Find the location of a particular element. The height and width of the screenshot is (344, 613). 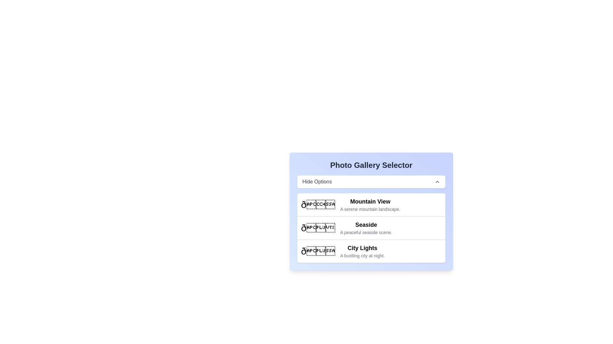

the third item in the vertical list titled 'City Lights' is located at coordinates (371, 251).